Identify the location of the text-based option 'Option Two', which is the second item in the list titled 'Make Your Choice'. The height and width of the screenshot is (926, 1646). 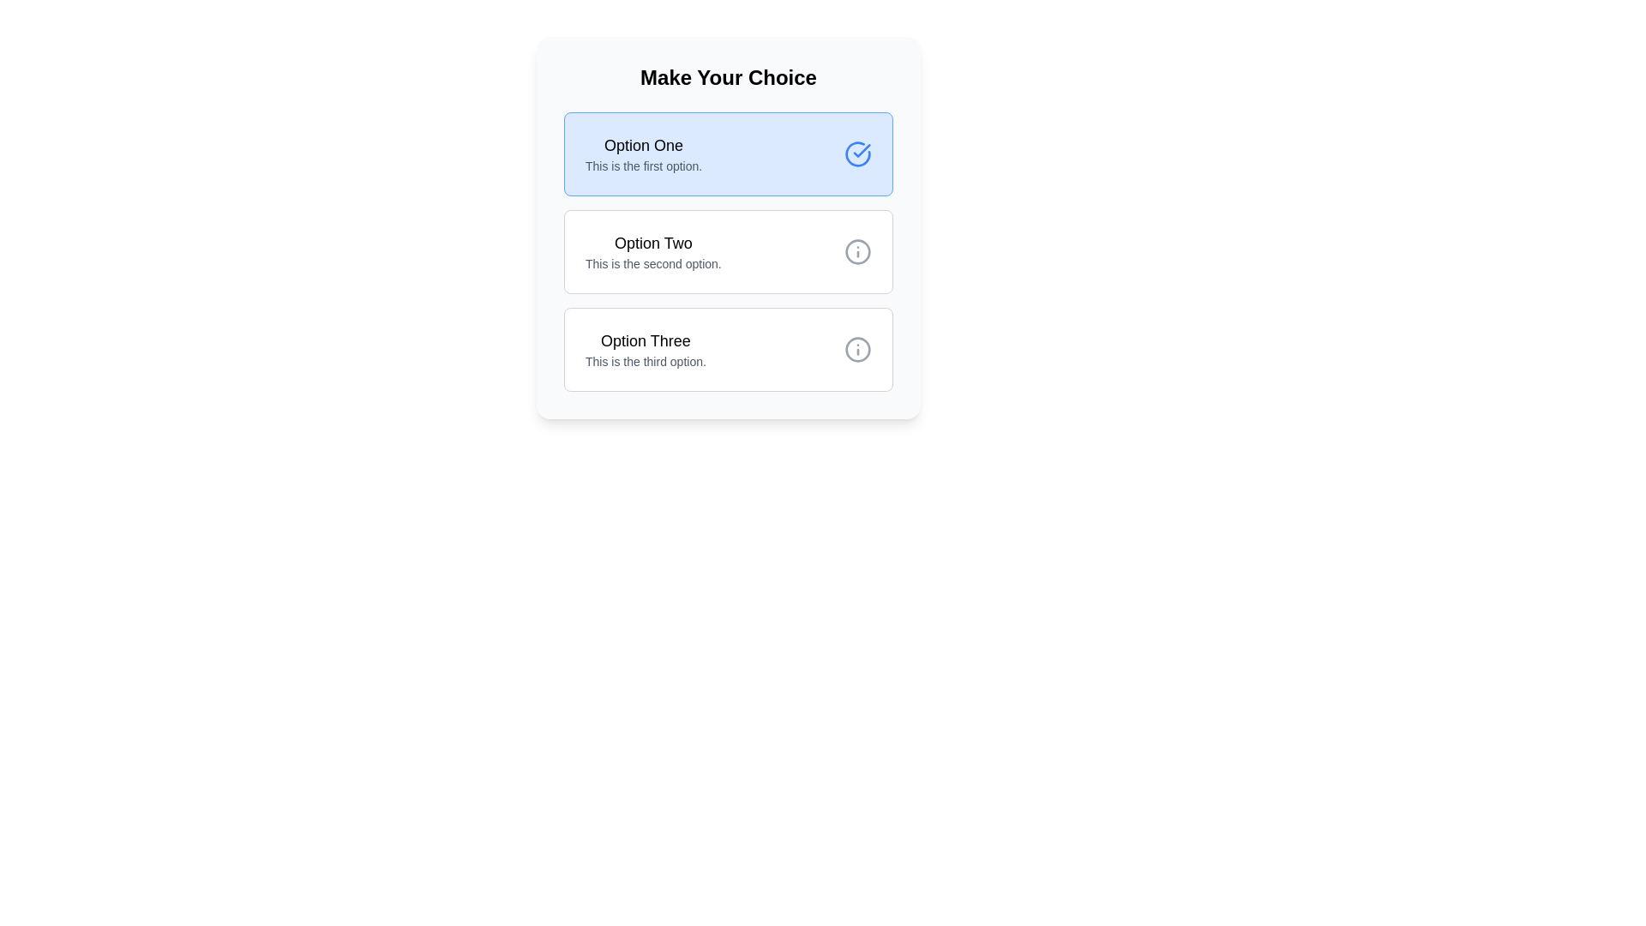
(652, 251).